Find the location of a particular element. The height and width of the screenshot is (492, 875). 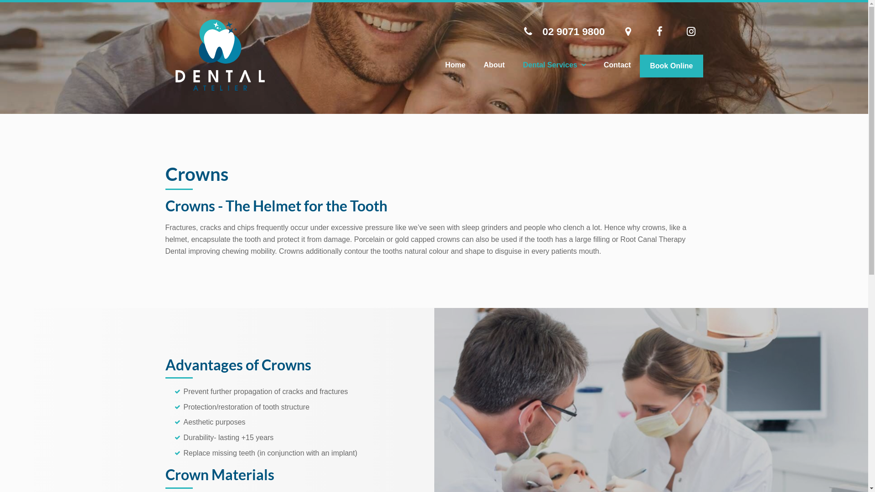

'Book Online' is located at coordinates (671, 66).